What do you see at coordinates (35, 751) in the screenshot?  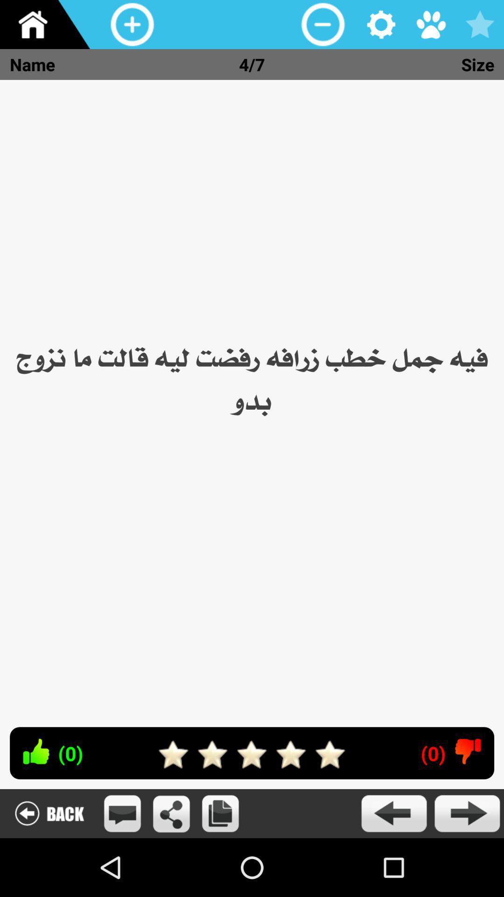 I see `hit like` at bounding box center [35, 751].